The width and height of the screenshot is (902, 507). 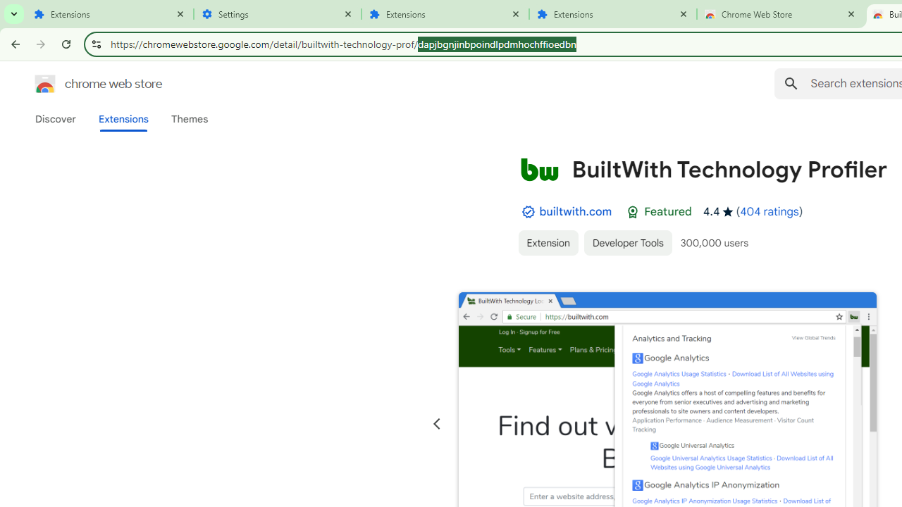 What do you see at coordinates (189, 118) in the screenshot?
I see `'Themes'` at bounding box center [189, 118].